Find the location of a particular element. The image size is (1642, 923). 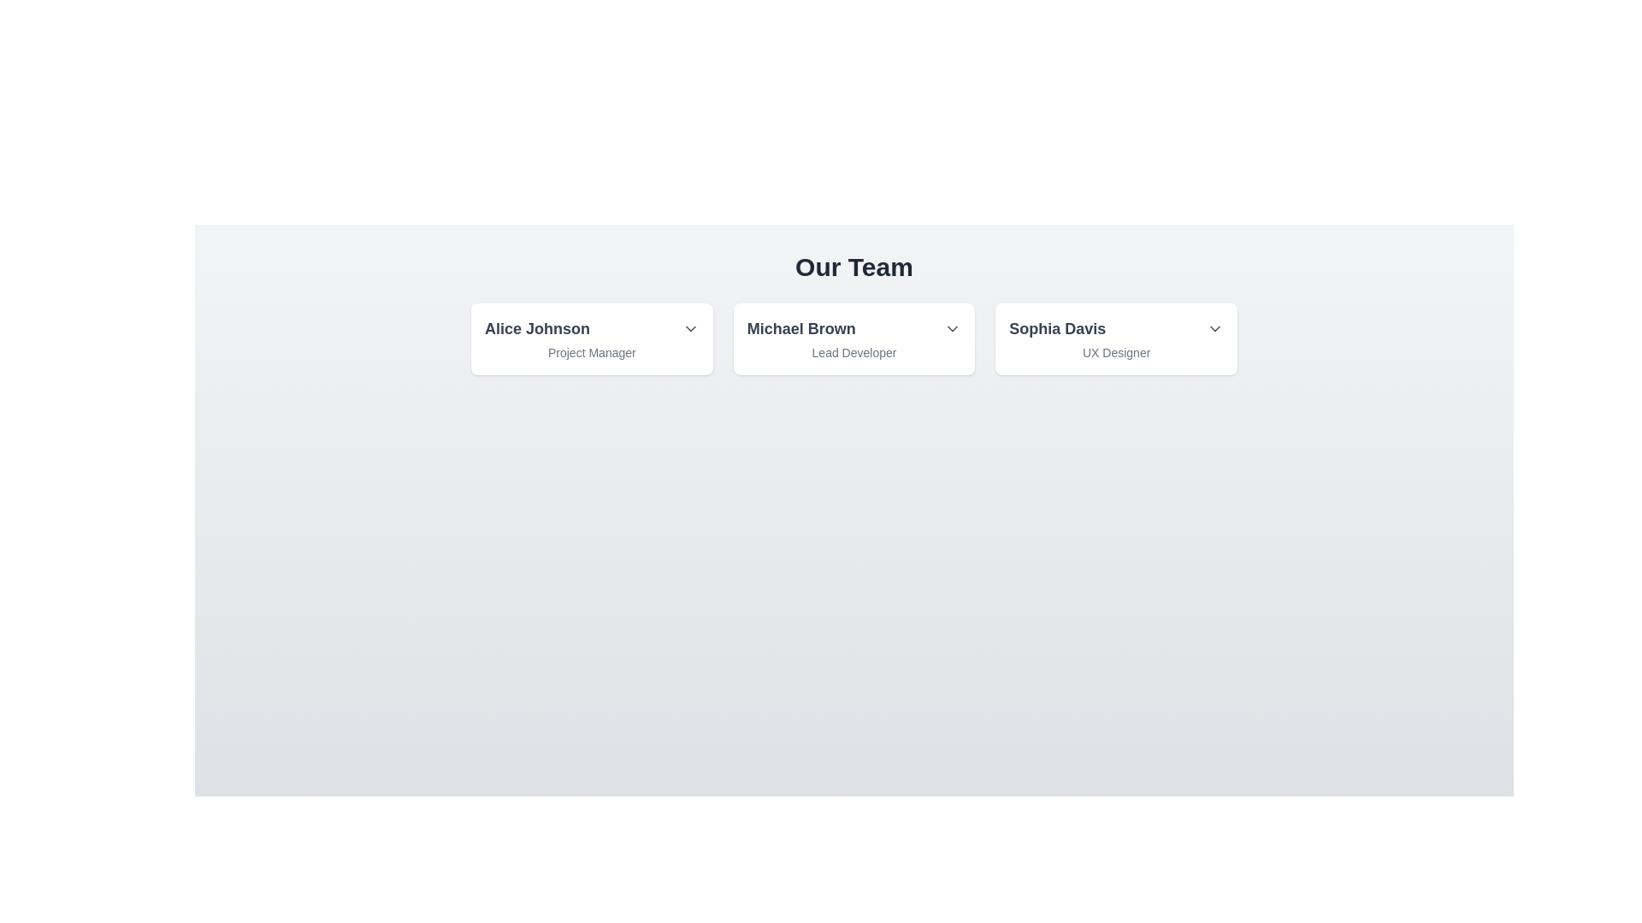

the Dropdown indicator icon located to the right of the 'Michael Brown' text to visualize its interactivity is located at coordinates (952, 329).